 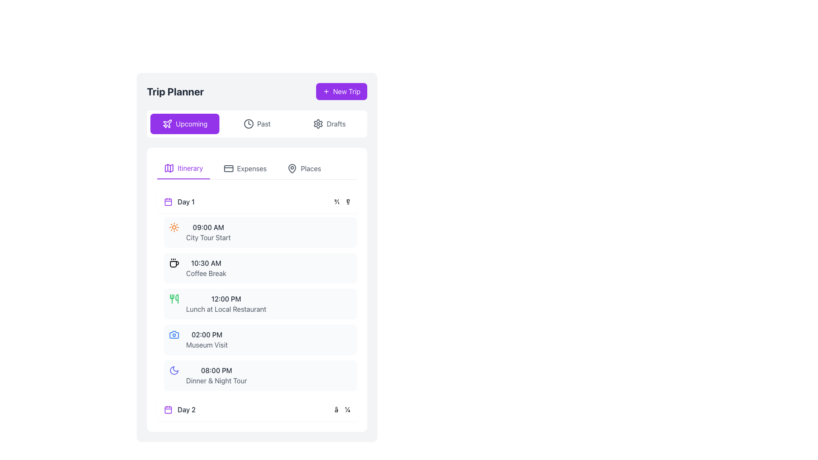 What do you see at coordinates (173, 334) in the screenshot?
I see `the camera icon styled with blue color located in the 'Day 1' section of the itinerary, which is part of the scheduled entry titled 'Museum Visit' at 02:00 PM` at bounding box center [173, 334].